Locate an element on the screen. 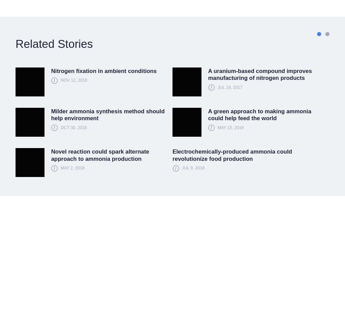 Image resolution: width=345 pixels, height=333 pixels. 'Nov 12, 2018' is located at coordinates (73, 80).